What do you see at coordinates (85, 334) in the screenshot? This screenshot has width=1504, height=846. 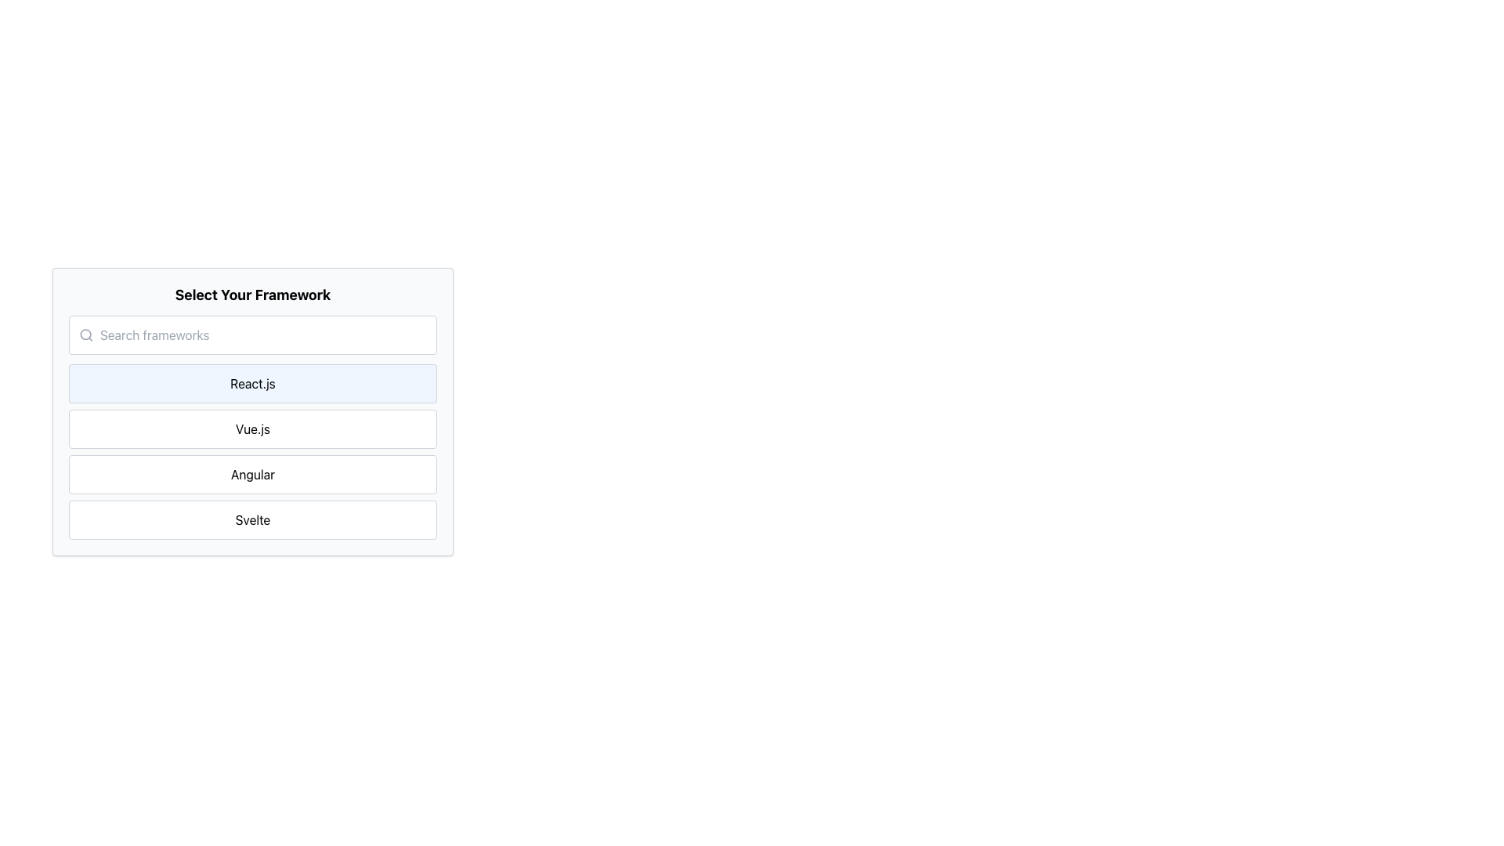 I see `the search icon located inside the search input field, which precedes the placeholder text 'Search frameworks'` at bounding box center [85, 334].